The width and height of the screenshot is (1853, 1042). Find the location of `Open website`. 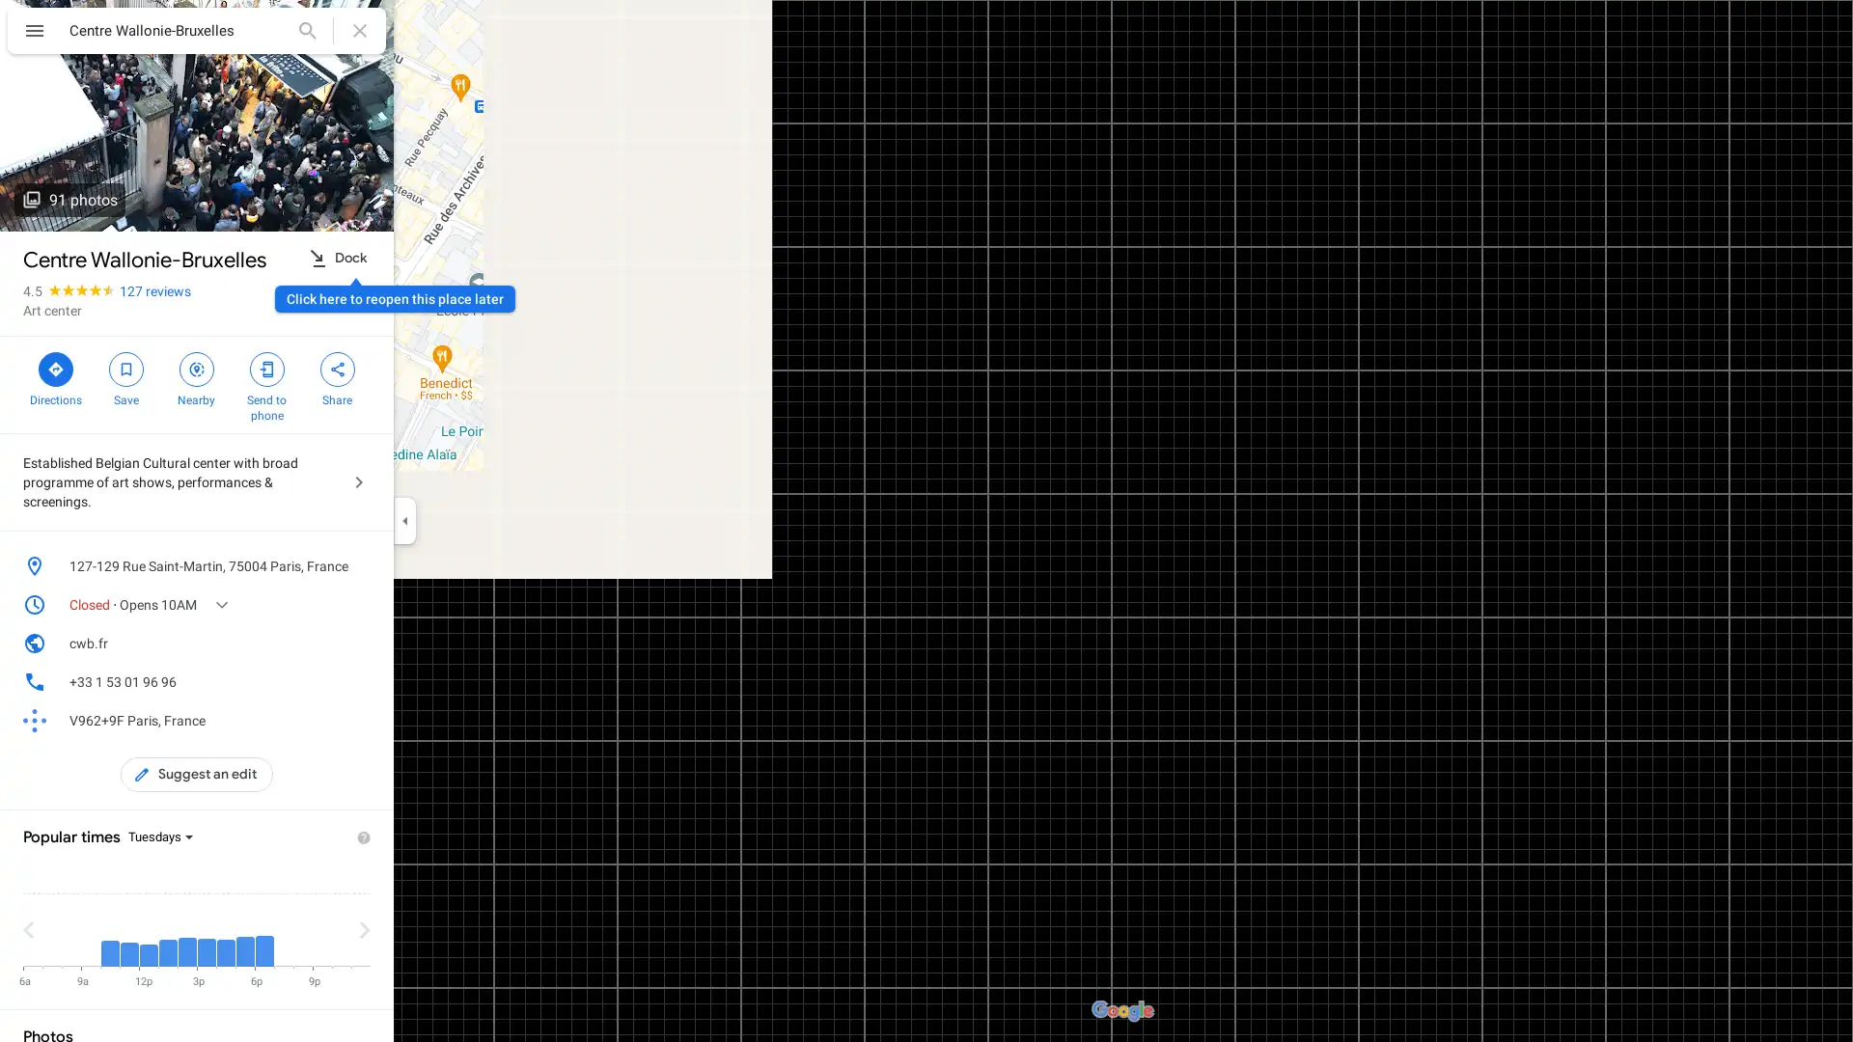

Open website is located at coordinates (332, 644).